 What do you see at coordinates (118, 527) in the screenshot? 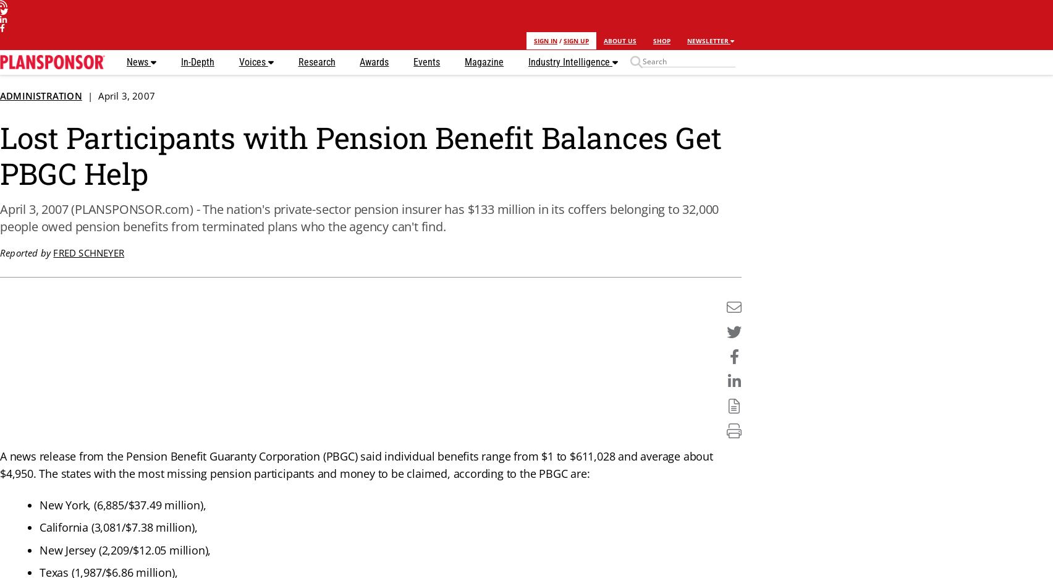
I see `'California (3,081/$7.38 million),'` at bounding box center [118, 527].